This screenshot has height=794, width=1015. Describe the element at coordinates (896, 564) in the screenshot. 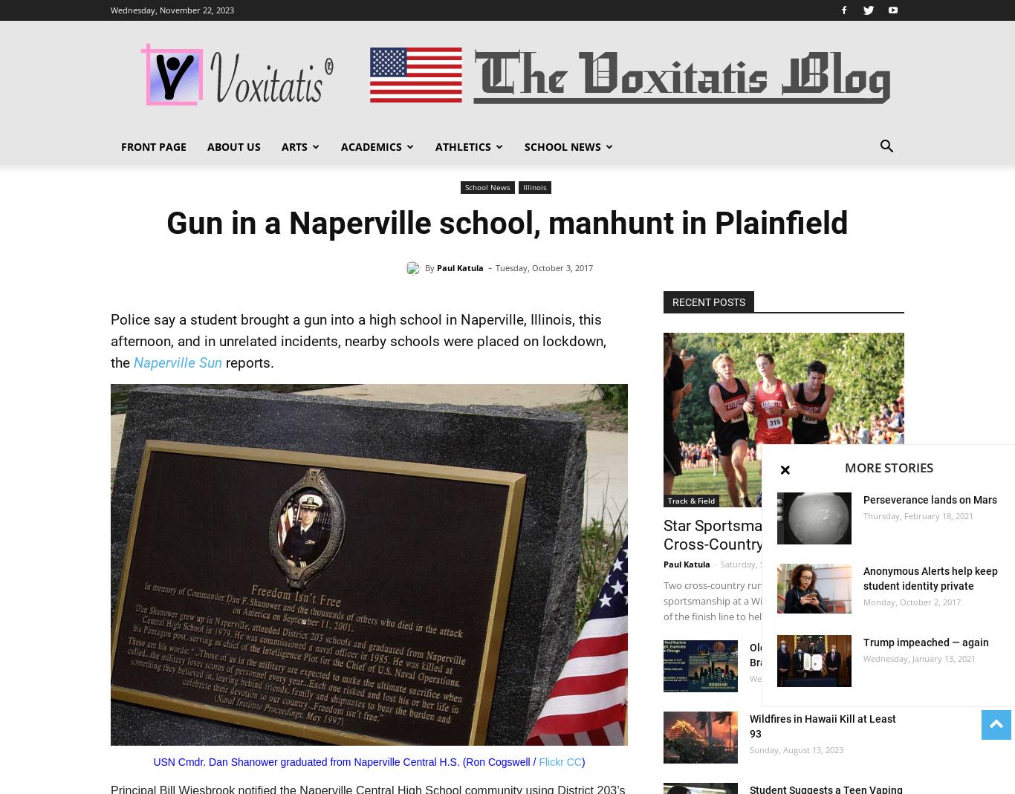

I see `'0'` at that location.